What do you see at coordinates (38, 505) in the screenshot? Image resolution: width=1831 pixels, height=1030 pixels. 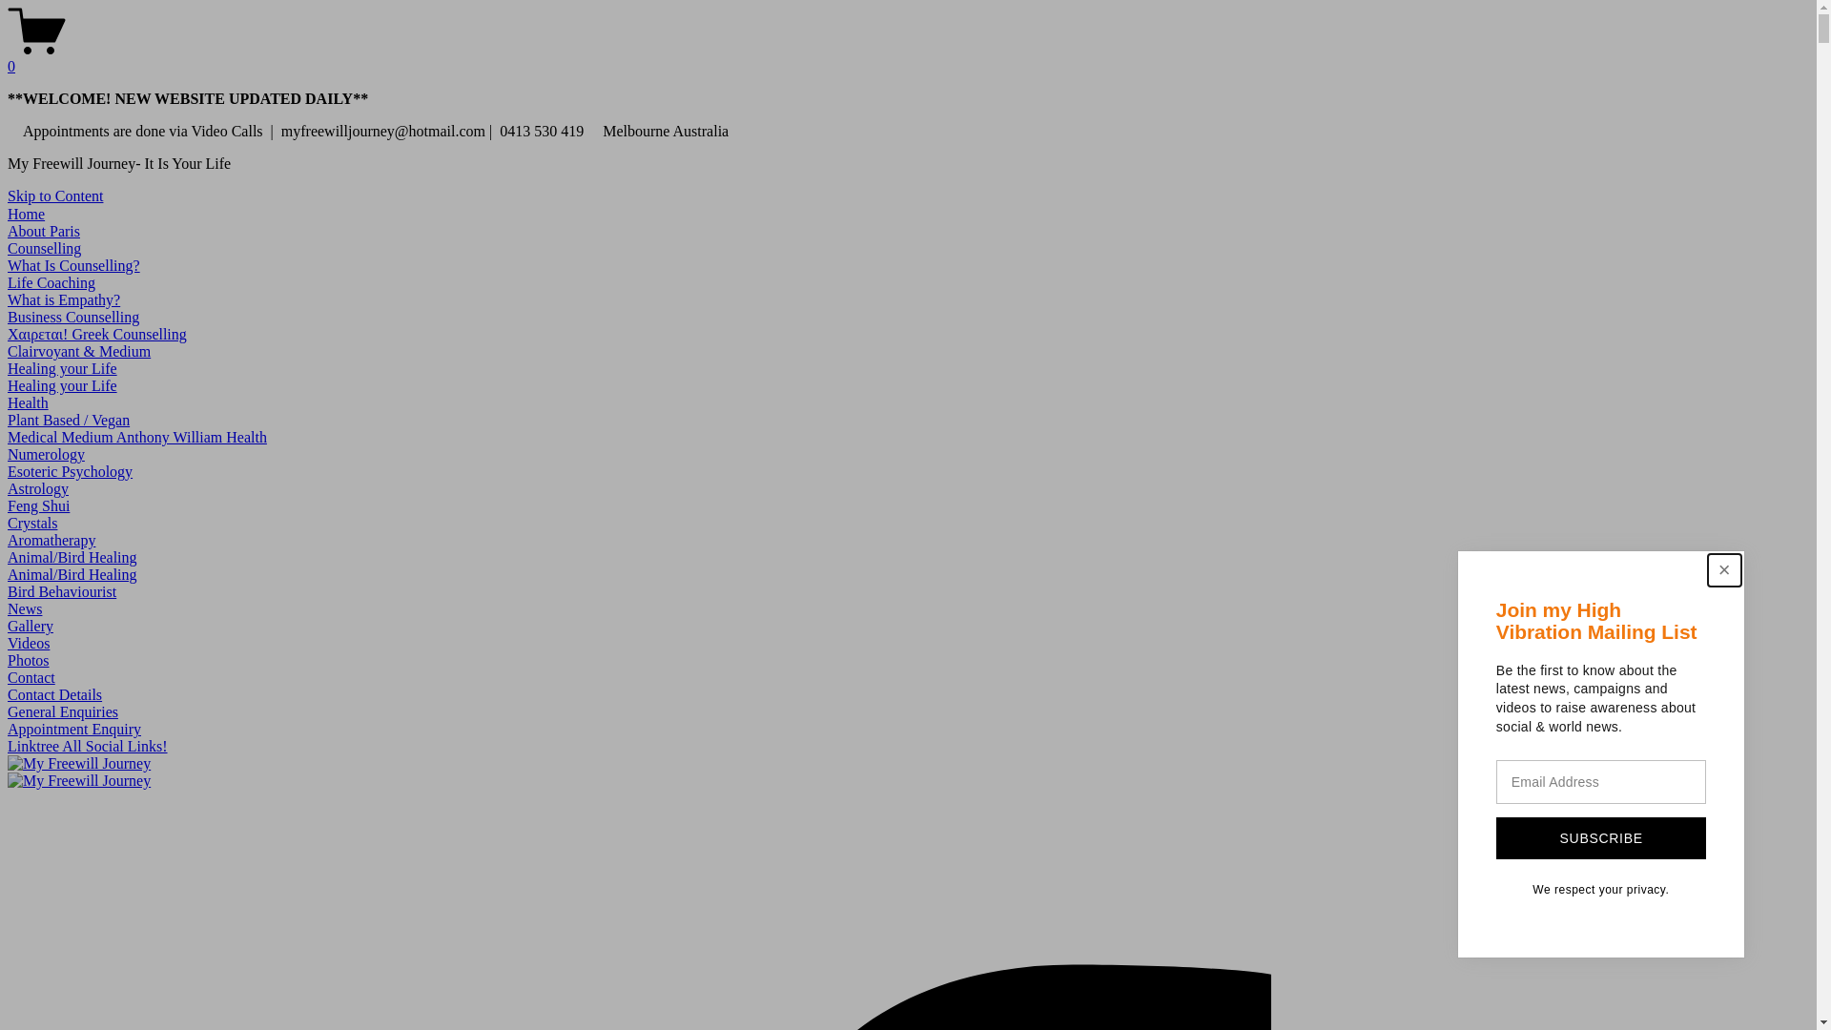 I see `'Feng Shui'` at bounding box center [38, 505].